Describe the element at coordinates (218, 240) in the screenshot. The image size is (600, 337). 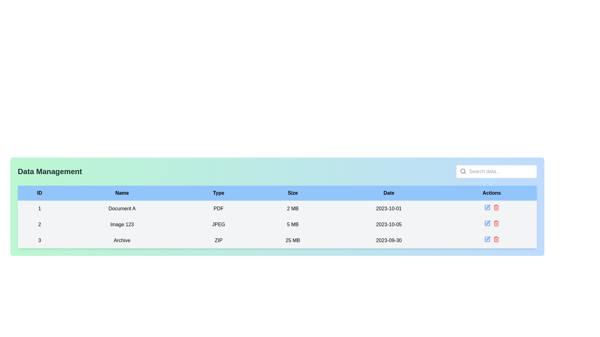
I see `the text label 'ZIP' in bold font, located in the third cell under the 'Type' column of the data table` at that location.